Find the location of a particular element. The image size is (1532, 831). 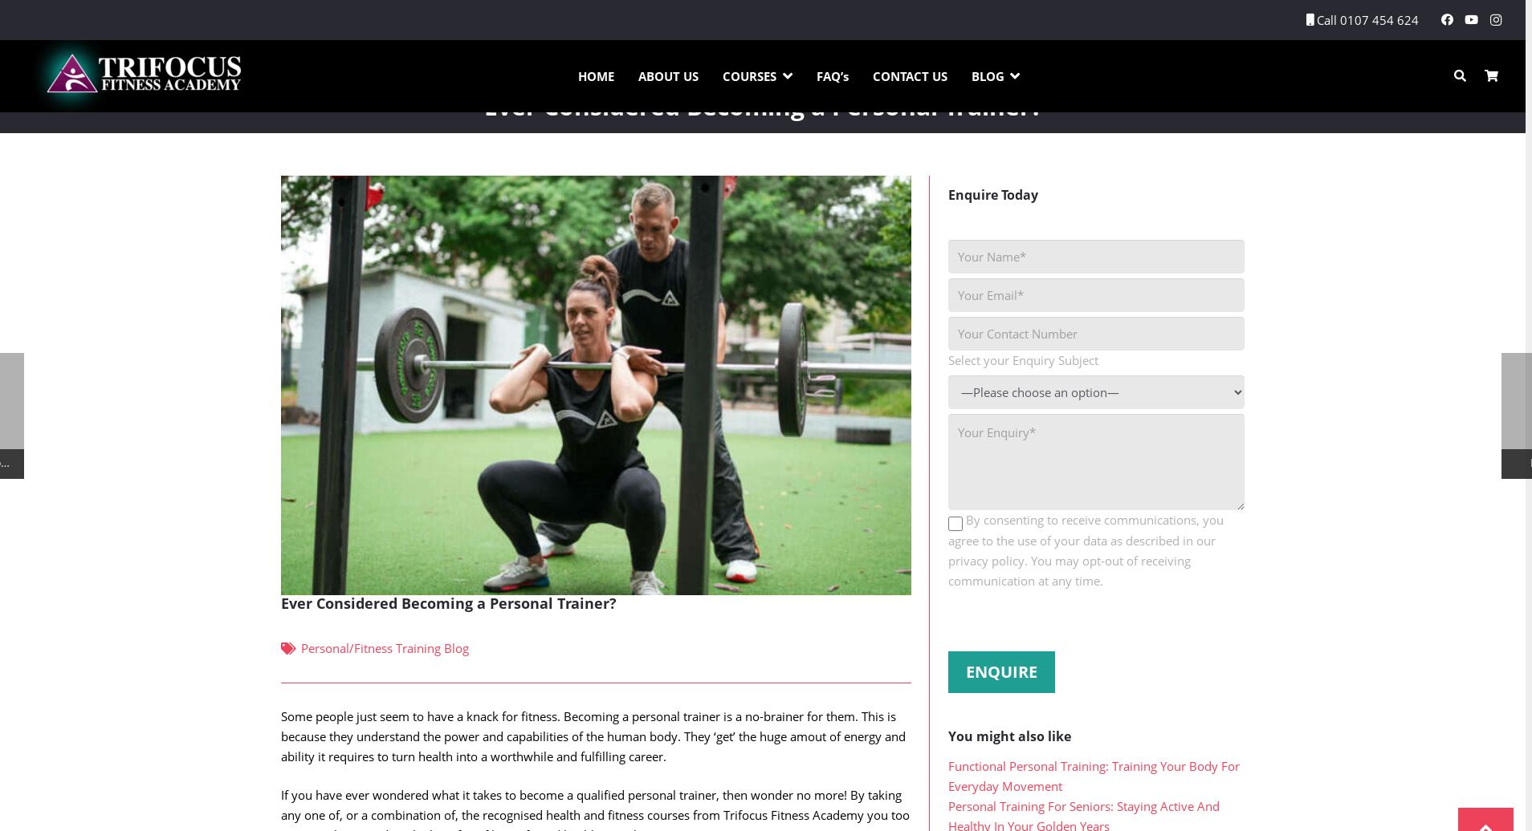

'HOME' is located at coordinates (595, 76).